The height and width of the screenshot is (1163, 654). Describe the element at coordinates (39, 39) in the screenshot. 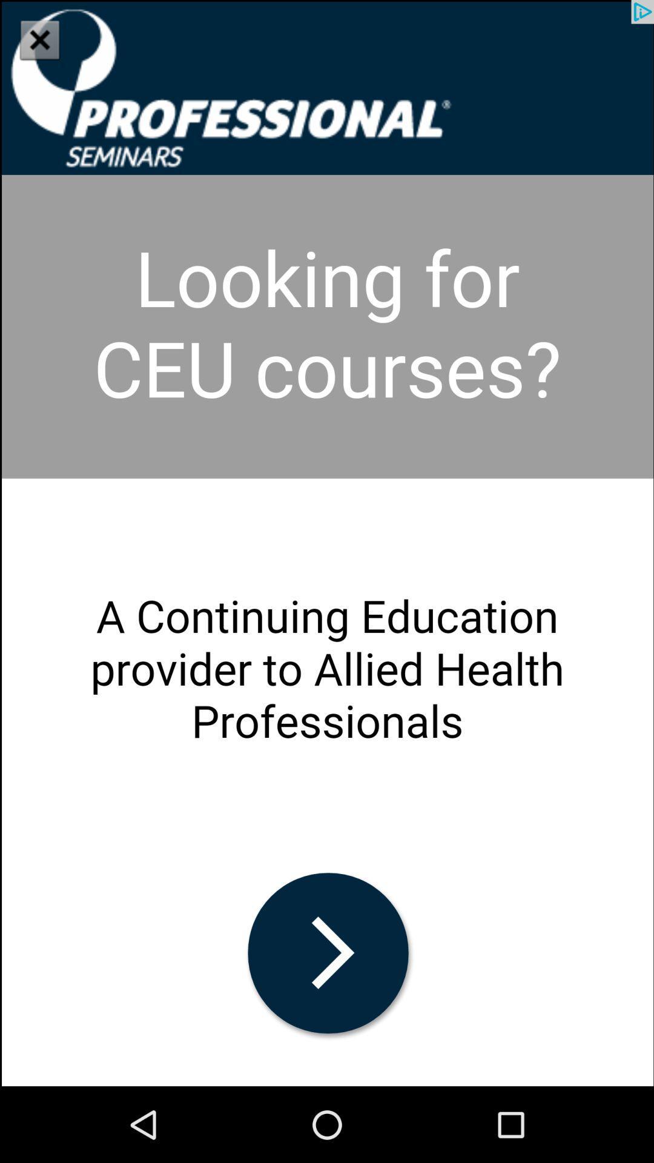

I see `the close icon` at that location.